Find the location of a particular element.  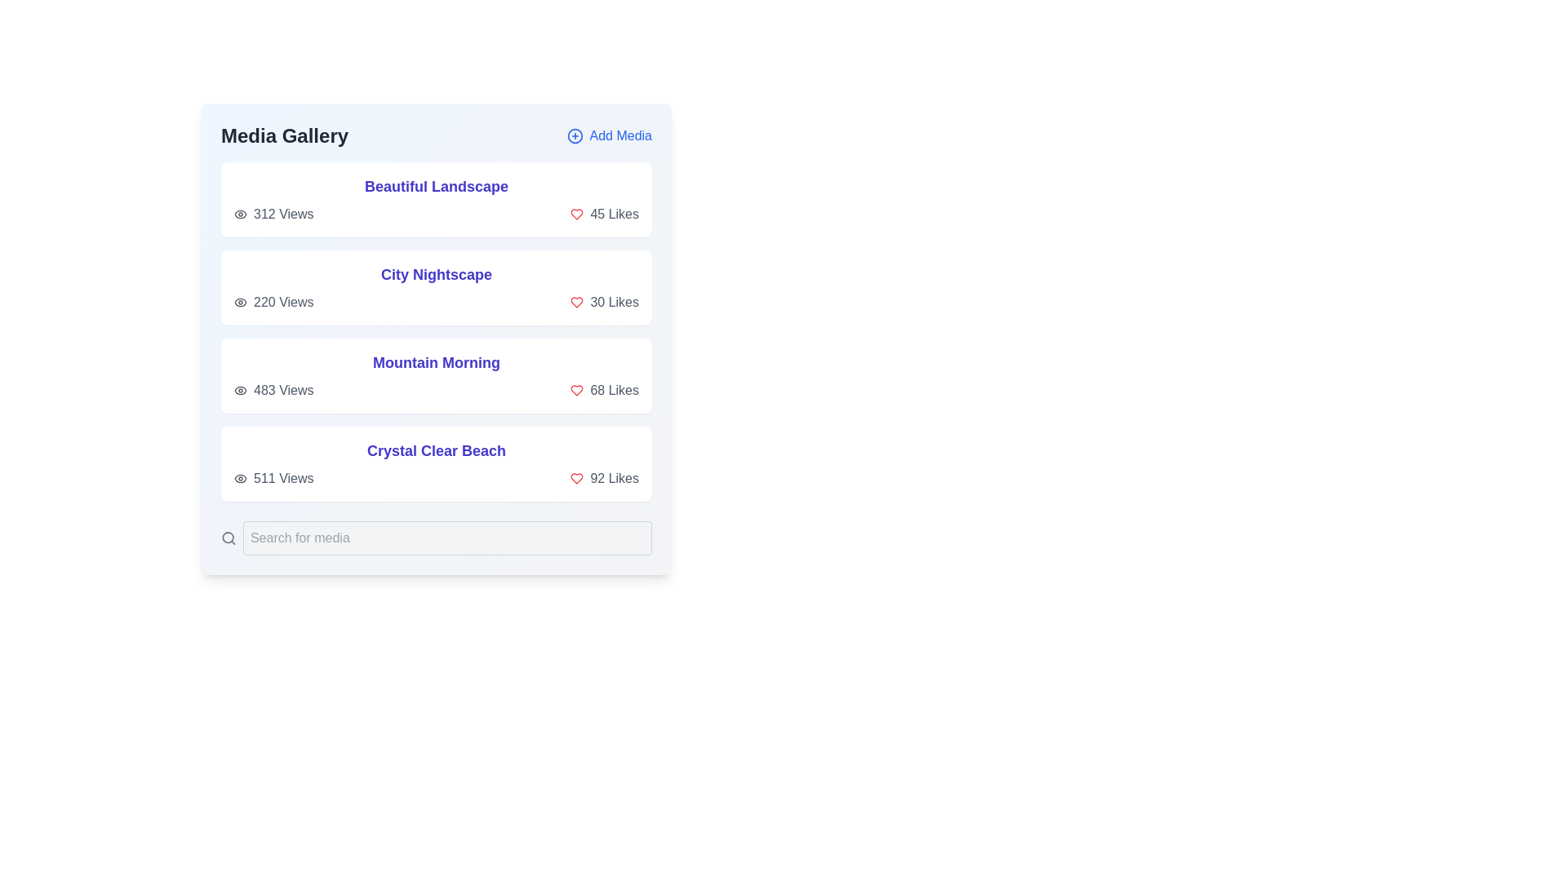

the card representing the media item titled 'City Nightscape' is located at coordinates (436, 287).